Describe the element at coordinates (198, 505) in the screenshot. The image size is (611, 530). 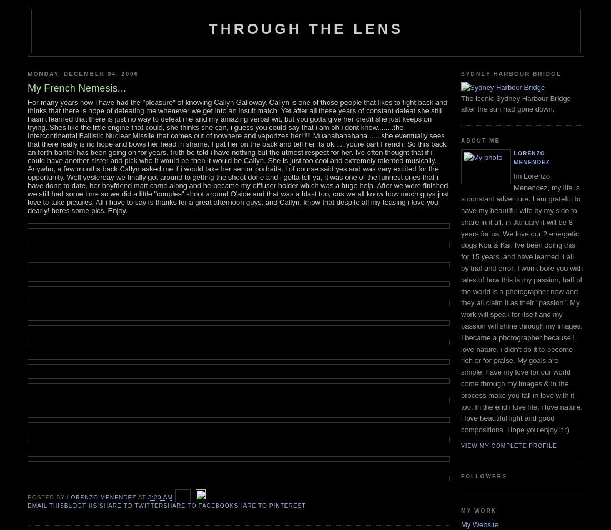
I see `'Share to Facebook'` at that location.